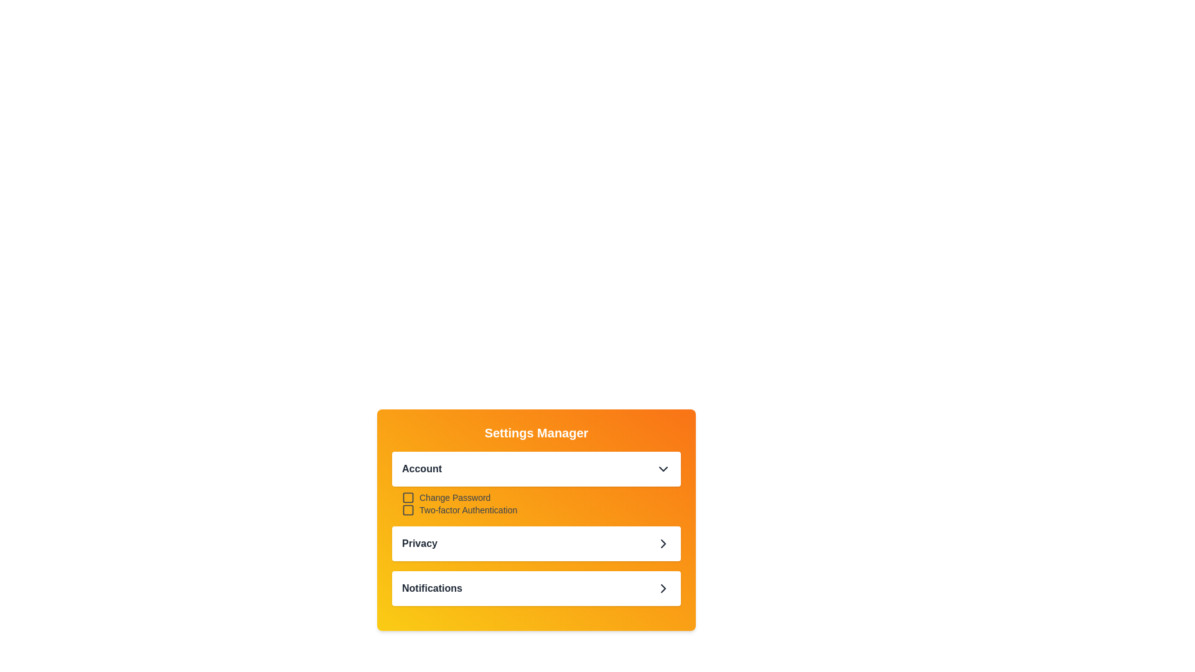 The image size is (1195, 672). I want to click on the small red square inside the larger clear square of the 'Two-factor Authentication' checkbox in the 'Account' section of the 'Settings Manager', so click(408, 510).